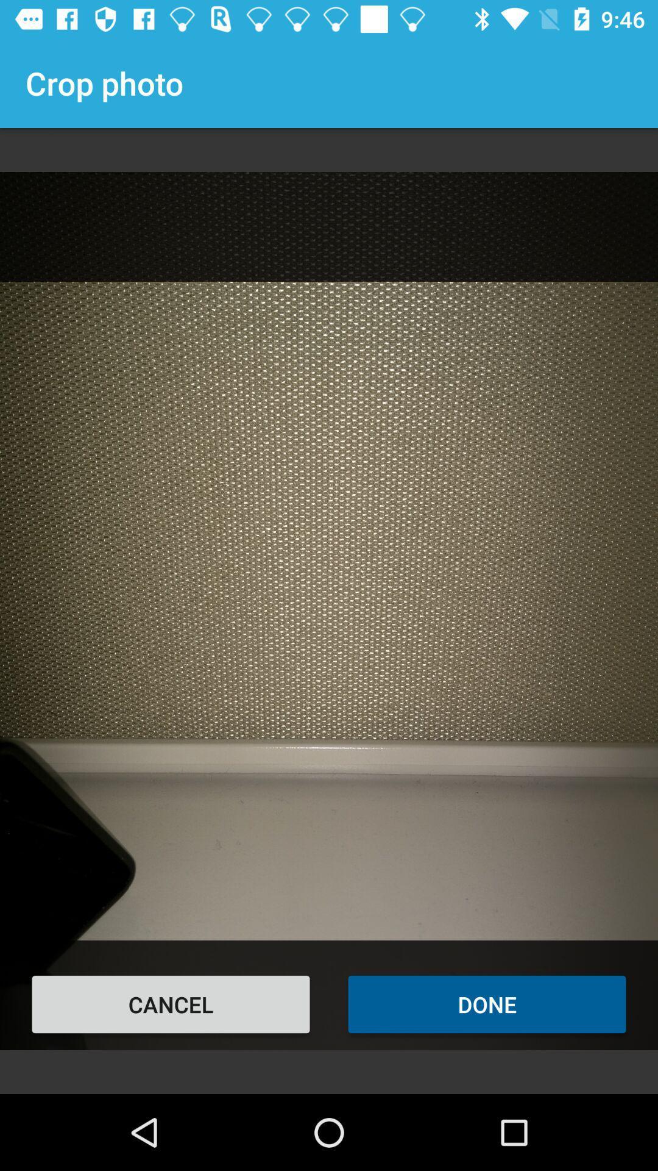  Describe the element at coordinates (486, 1004) in the screenshot. I see `item to the right of cancel item` at that location.